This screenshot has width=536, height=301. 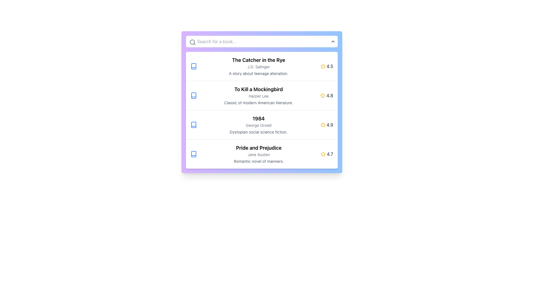 I want to click on the text label displaying the numerical rating of the book 'To Kill a Mockingbird', which is located to the right of a yellow star icon in the second row of the book list, so click(x=330, y=95).